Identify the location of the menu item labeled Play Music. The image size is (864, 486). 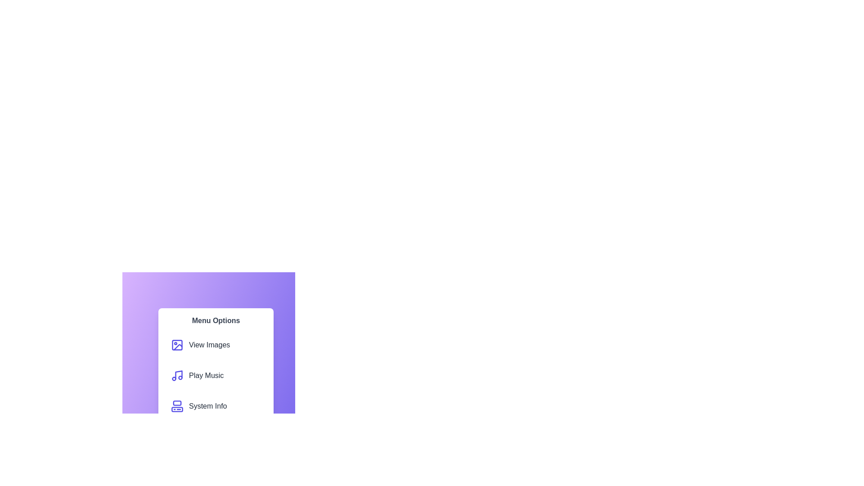
(216, 375).